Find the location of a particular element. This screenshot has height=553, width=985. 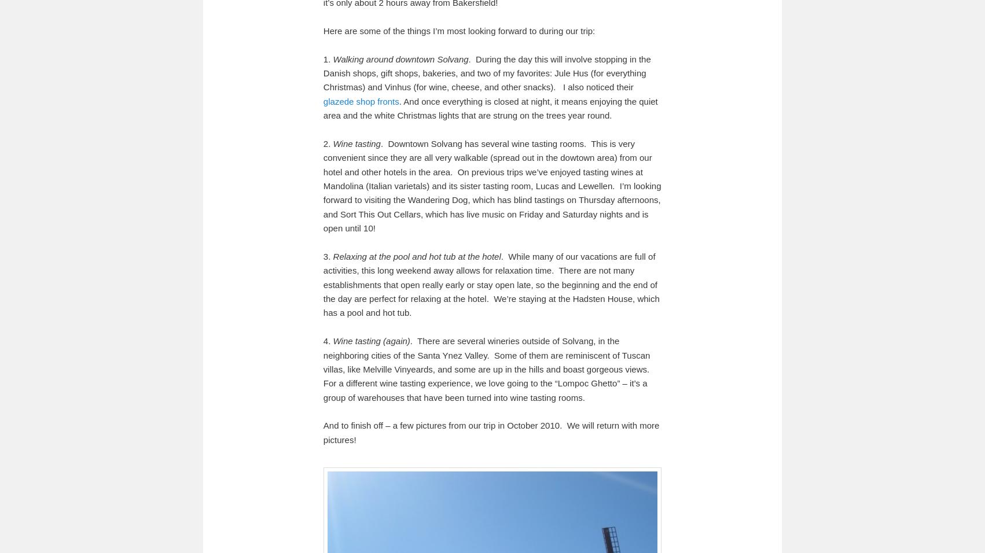

'.  While many of our vacations are full of activities, this long weekend away allows for relaxation time.  There are not many establishments that open really early or stay open late, so the beginning and the end of the day are perfect for relaxing at the hotel.  We’re staying at the Hadsten House, which has a pool and hot tub.' is located at coordinates (490, 283).